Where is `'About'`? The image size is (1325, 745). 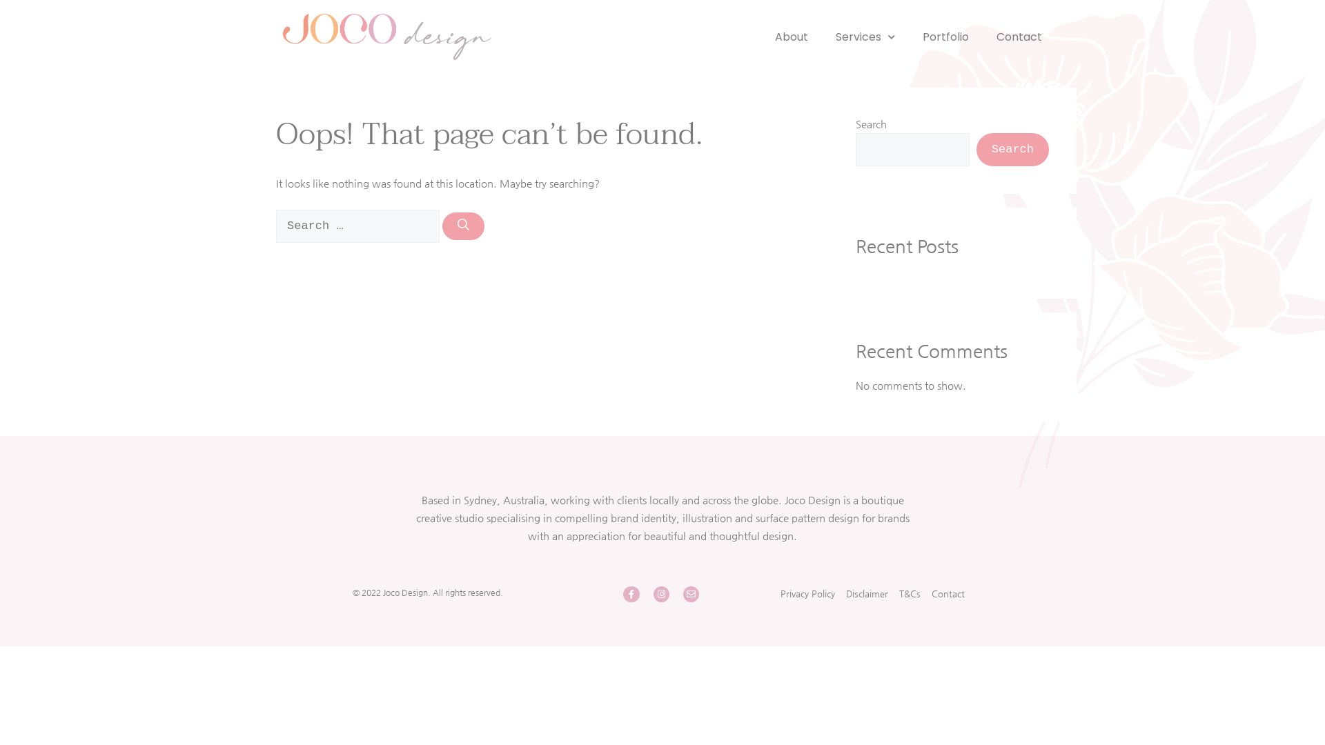 'About' is located at coordinates (775, 37).